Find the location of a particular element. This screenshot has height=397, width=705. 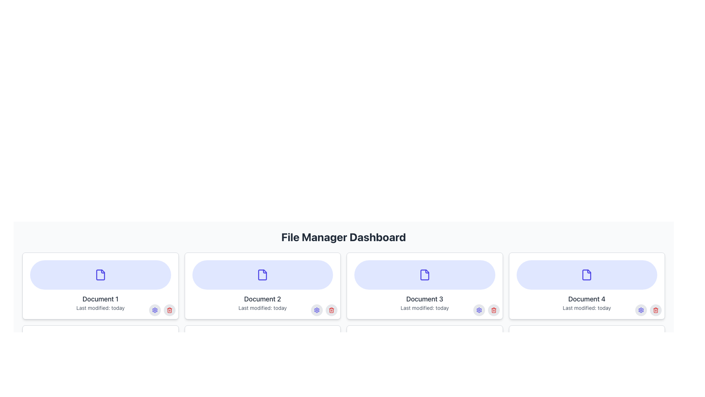

the small red trash bin icon button located at the bottom-right corner of the 'Document 1' card is located at coordinates (169, 382).